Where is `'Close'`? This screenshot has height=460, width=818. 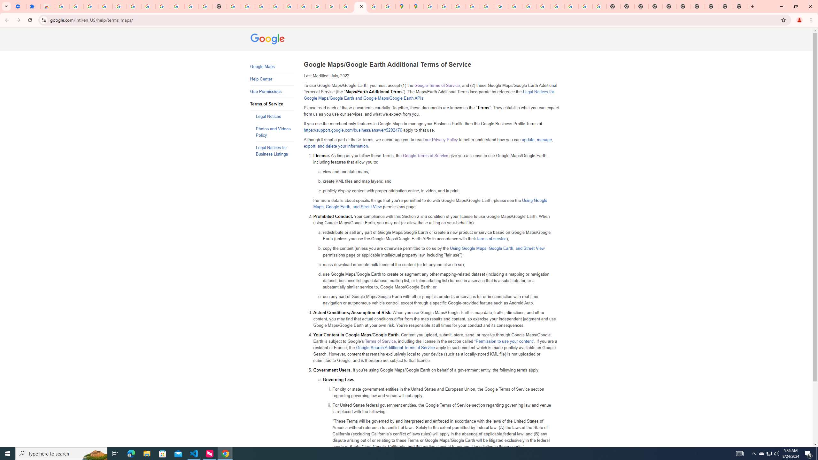 'Close' is located at coordinates (361, 6).